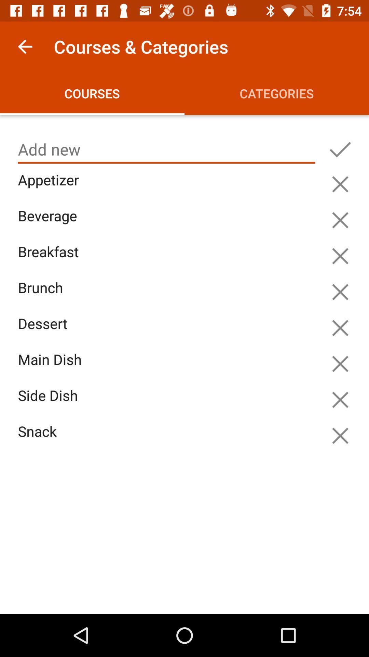  Describe the element at coordinates (340, 292) in the screenshot. I see `hide this item` at that location.